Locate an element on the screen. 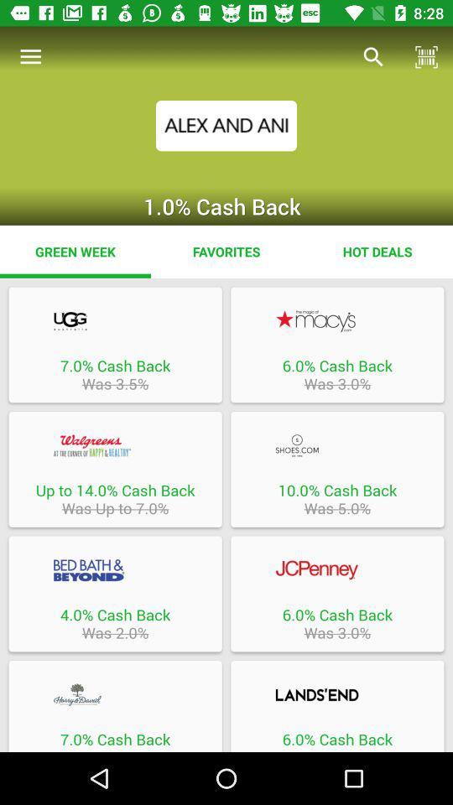 This screenshot has width=453, height=805. retailer is located at coordinates (337, 320).